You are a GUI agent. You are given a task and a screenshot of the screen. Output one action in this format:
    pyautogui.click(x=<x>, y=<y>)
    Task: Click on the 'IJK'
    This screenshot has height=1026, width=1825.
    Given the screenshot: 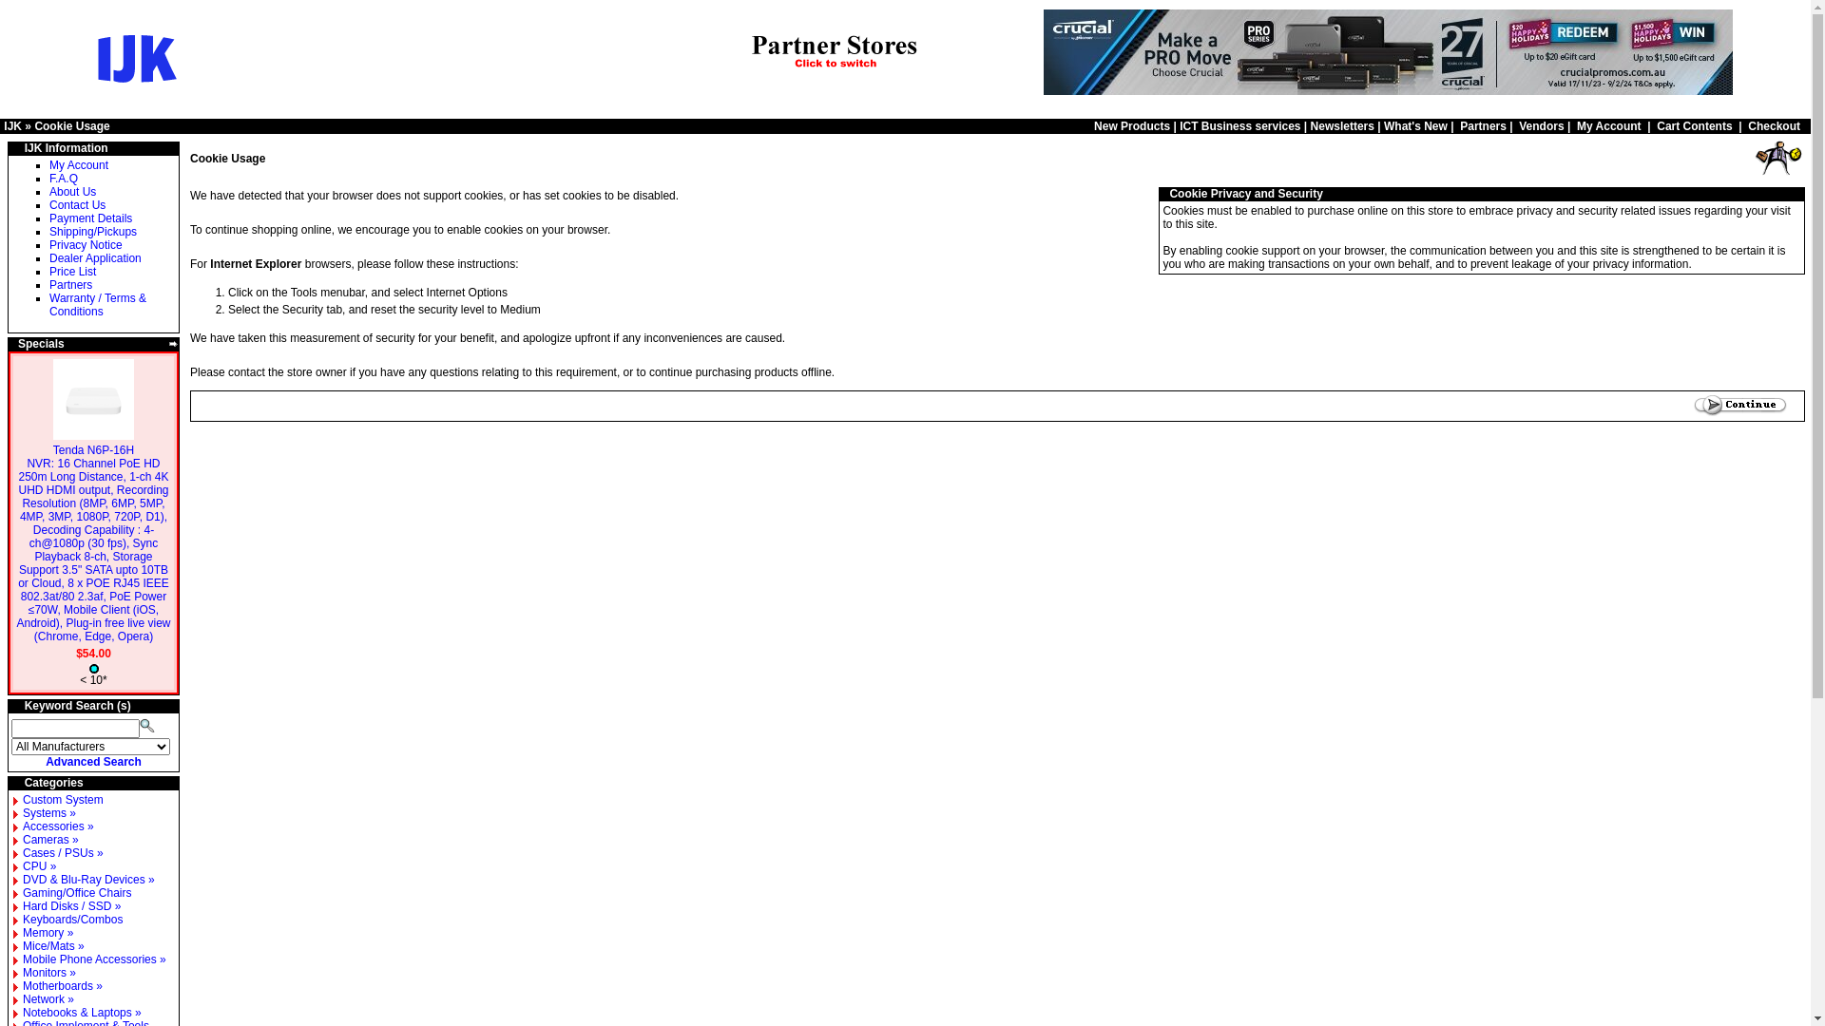 What is the action you would take?
    pyautogui.click(x=4, y=125)
    